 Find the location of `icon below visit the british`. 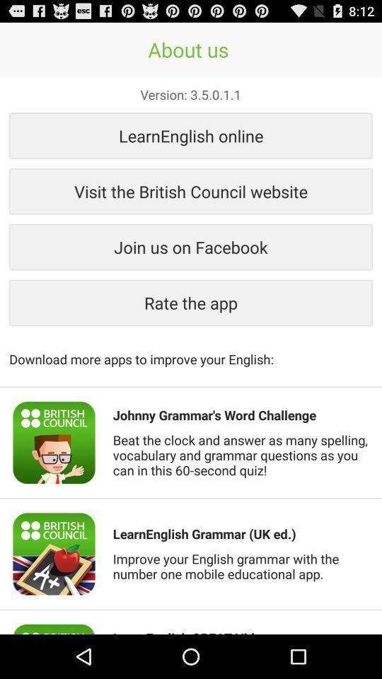

icon below visit the british is located at coordinates (191, 247).